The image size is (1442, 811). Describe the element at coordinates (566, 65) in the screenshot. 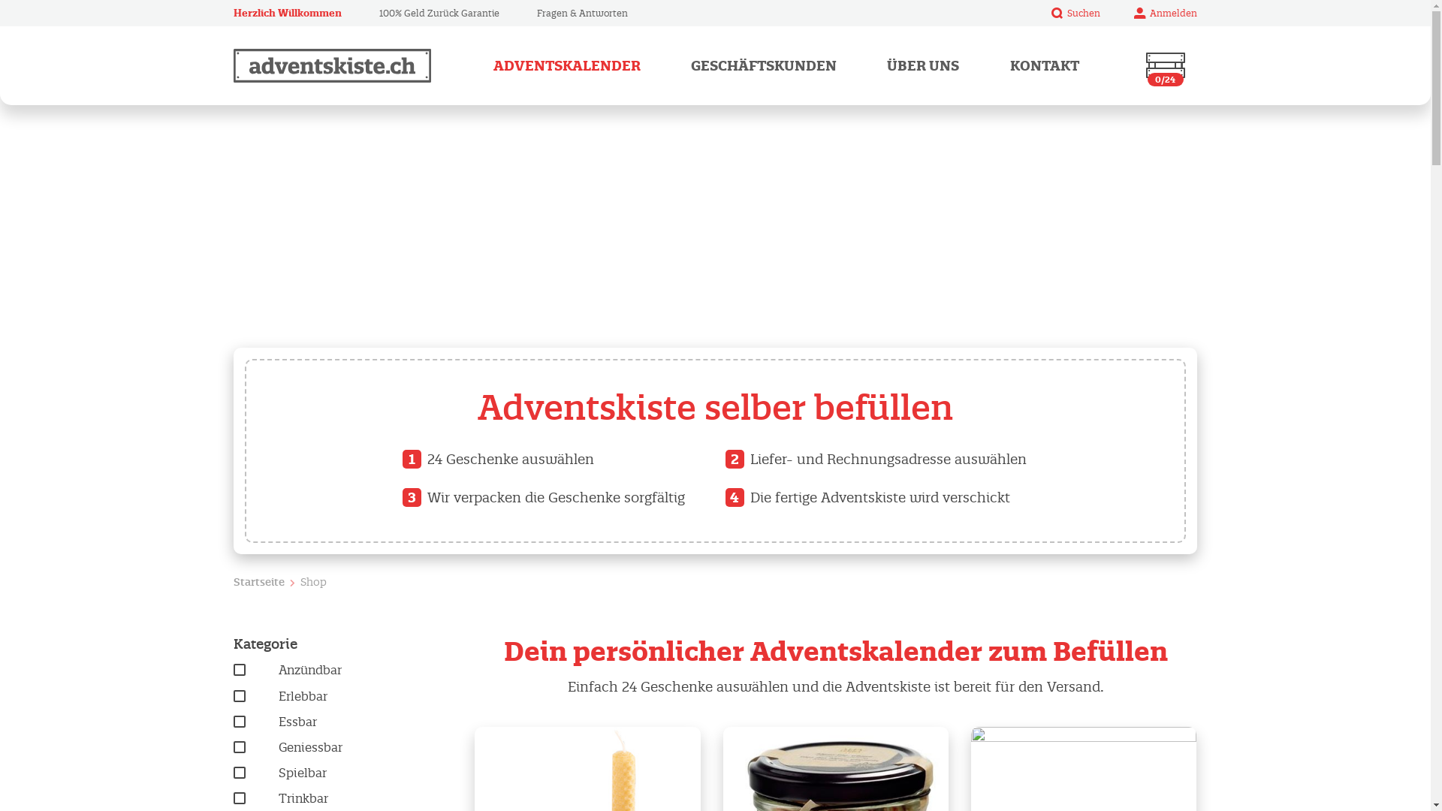

I see `'ADVENTSKALENDER'` at that location.